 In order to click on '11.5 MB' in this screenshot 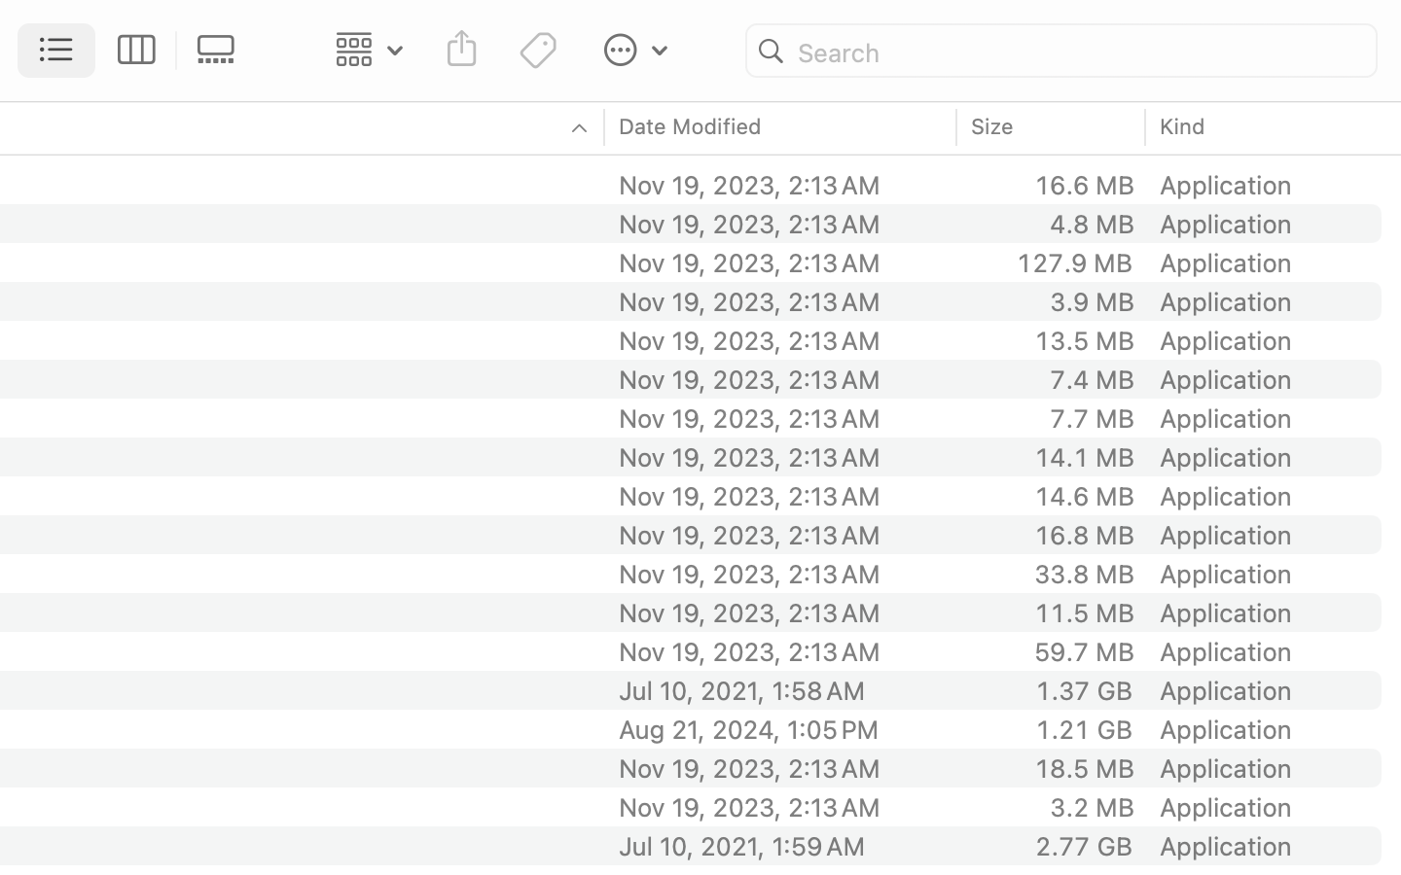, I will do `click(1082, 612)`.